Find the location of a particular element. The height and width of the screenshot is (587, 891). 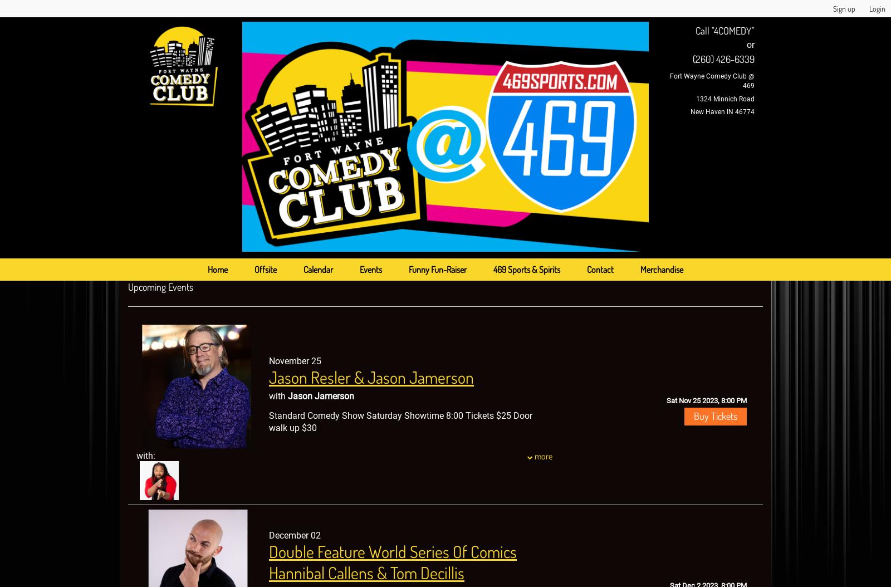

'Funny Fun-Raiser' is located at coordinates (438, 268).